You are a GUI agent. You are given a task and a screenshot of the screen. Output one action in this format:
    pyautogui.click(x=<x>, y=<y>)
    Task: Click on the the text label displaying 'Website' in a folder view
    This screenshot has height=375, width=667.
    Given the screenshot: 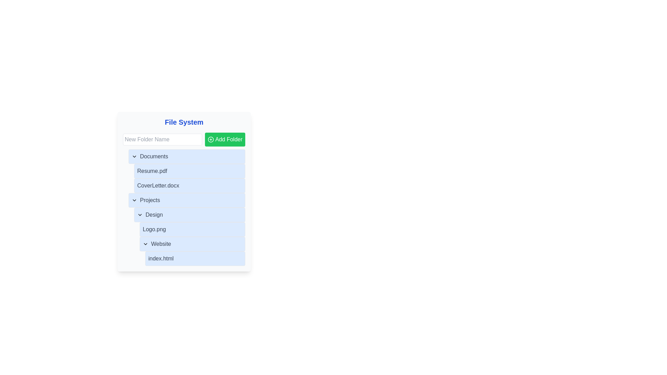 What is the action you would take?
    pyautogui.click(x=160, y=243)
    